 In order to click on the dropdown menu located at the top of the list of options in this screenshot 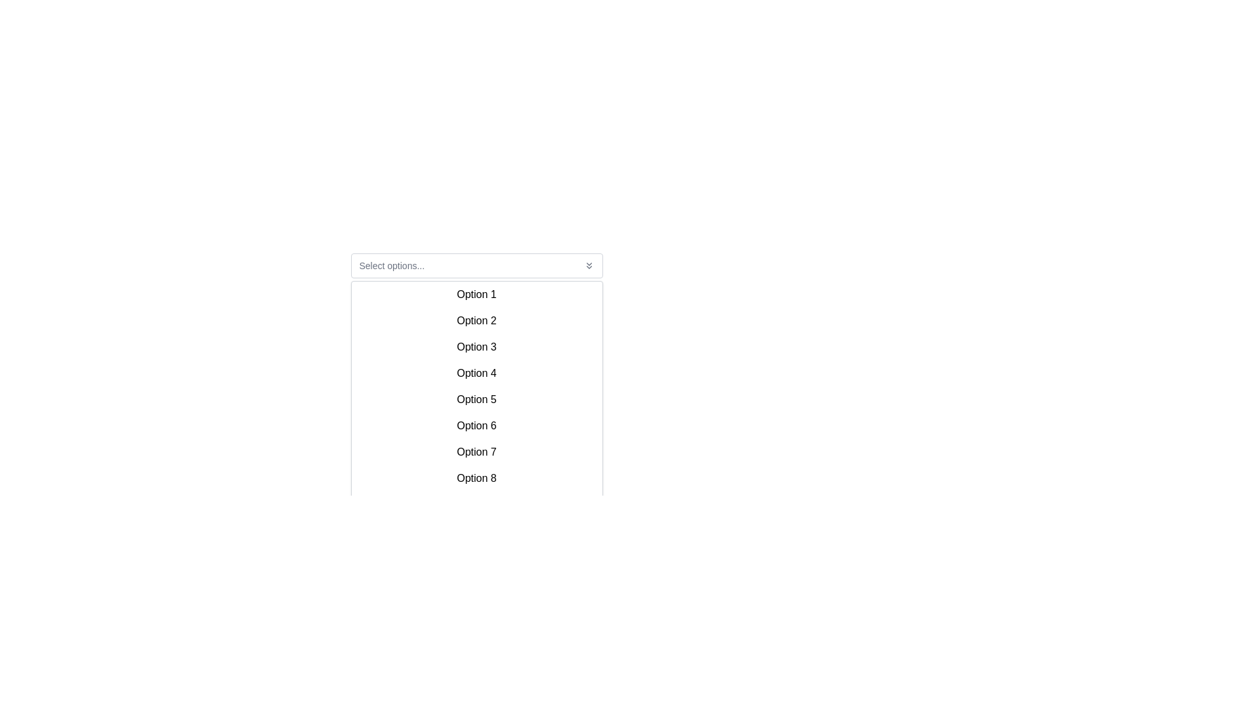, I will do `click(476, 266)`.